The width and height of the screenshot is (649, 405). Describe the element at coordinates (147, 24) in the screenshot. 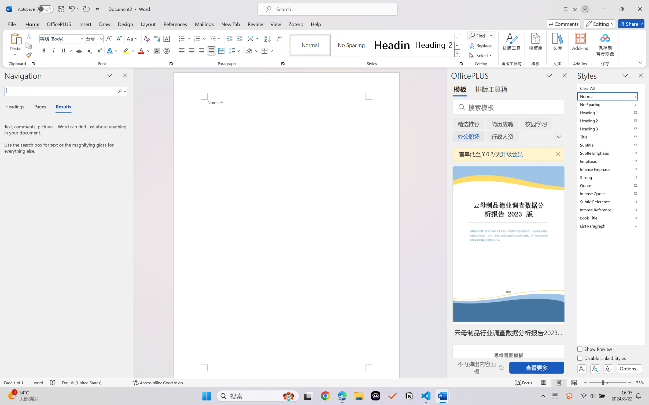

I see `'Layout'` at that location.